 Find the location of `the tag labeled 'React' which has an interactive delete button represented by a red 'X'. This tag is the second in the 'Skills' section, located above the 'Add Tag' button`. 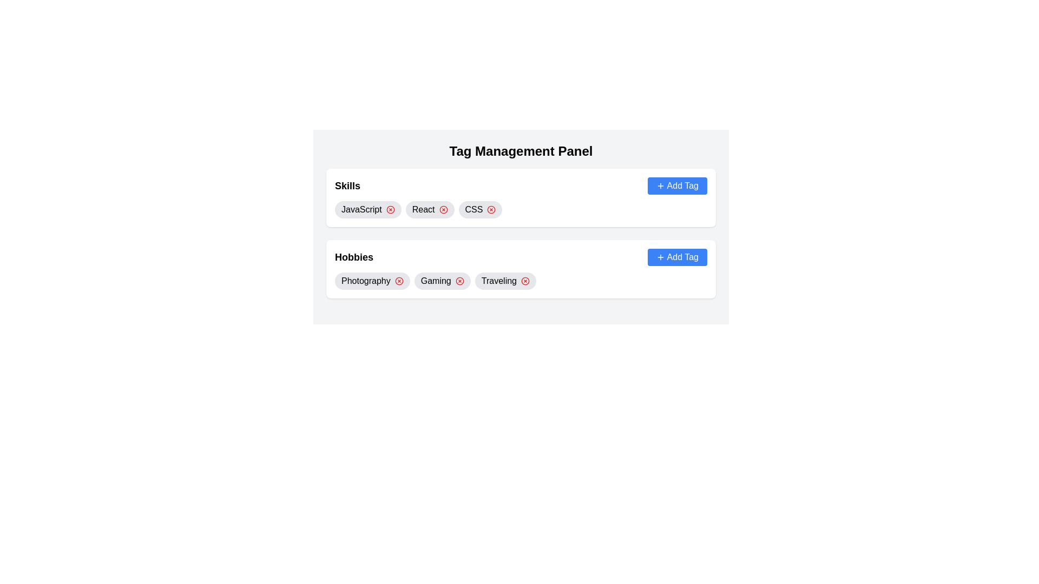

the tag labeled 'React' which has an interactive delete button represented by a red 'X'. This tag is the second in the 'Skills' section, located above the 'Add Tag' button is located at coordinates (429, 210).